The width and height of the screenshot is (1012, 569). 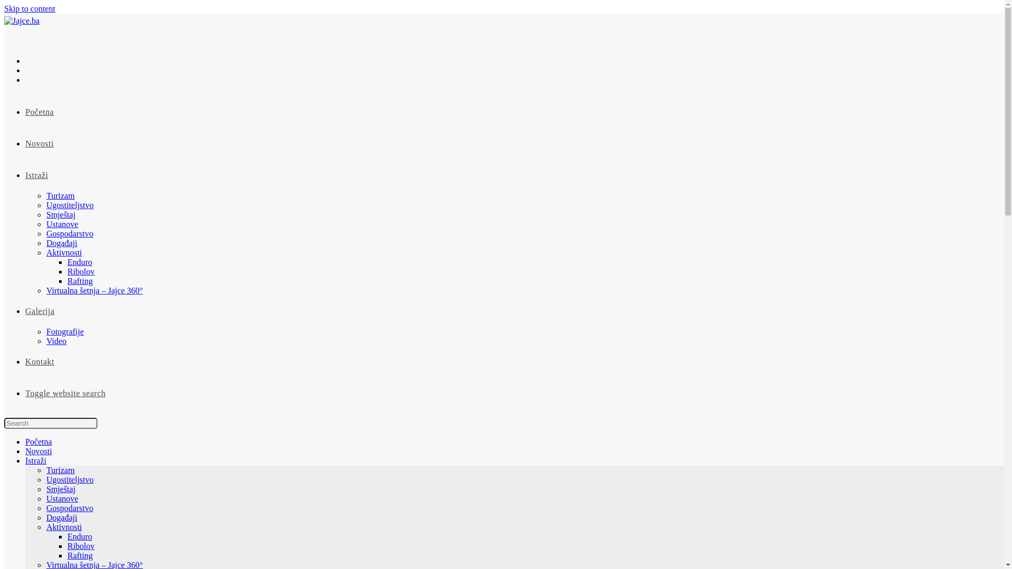 What do you see at coordinates (45, 195) in the screenshot?
I see `'Turizam'` at bounding box center [45, 195].